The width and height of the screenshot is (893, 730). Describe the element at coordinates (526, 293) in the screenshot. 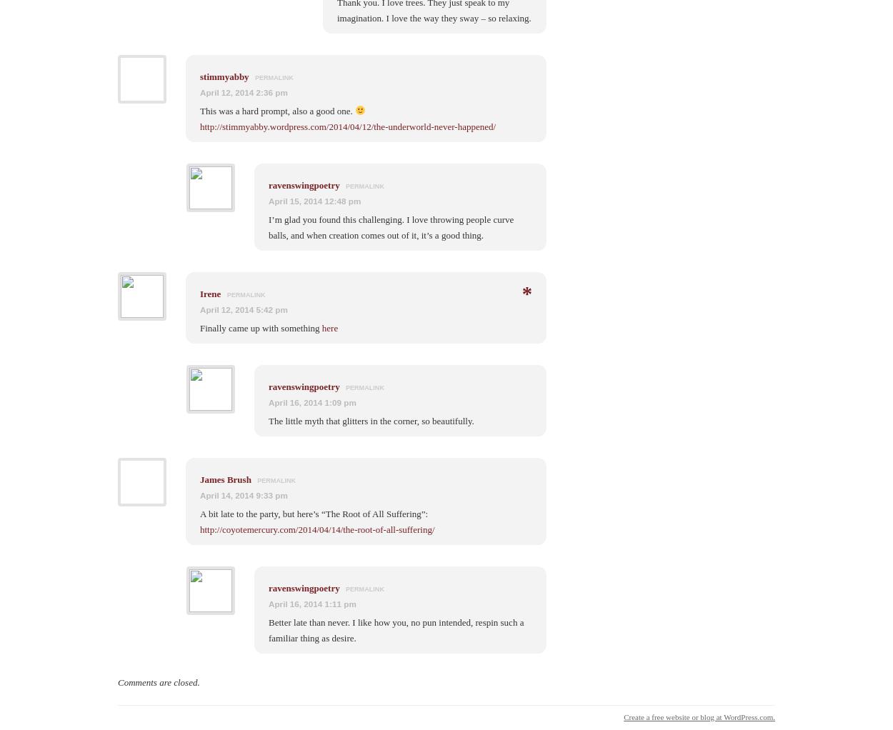

I see `'*'` at that location.